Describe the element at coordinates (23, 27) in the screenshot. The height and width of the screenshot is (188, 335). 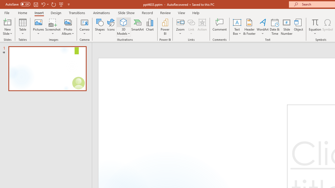
I see `'Table'` at that location.